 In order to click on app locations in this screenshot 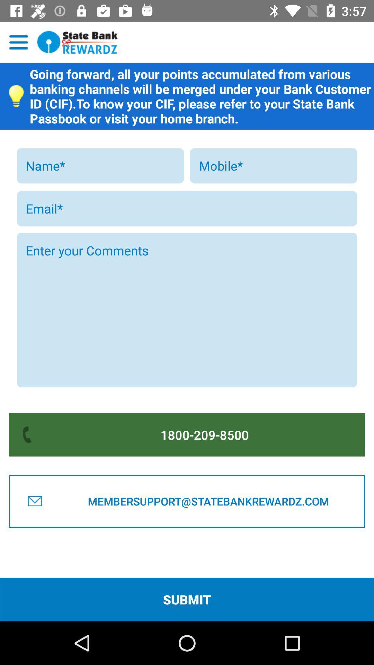, I will do `click(18, 42)`.